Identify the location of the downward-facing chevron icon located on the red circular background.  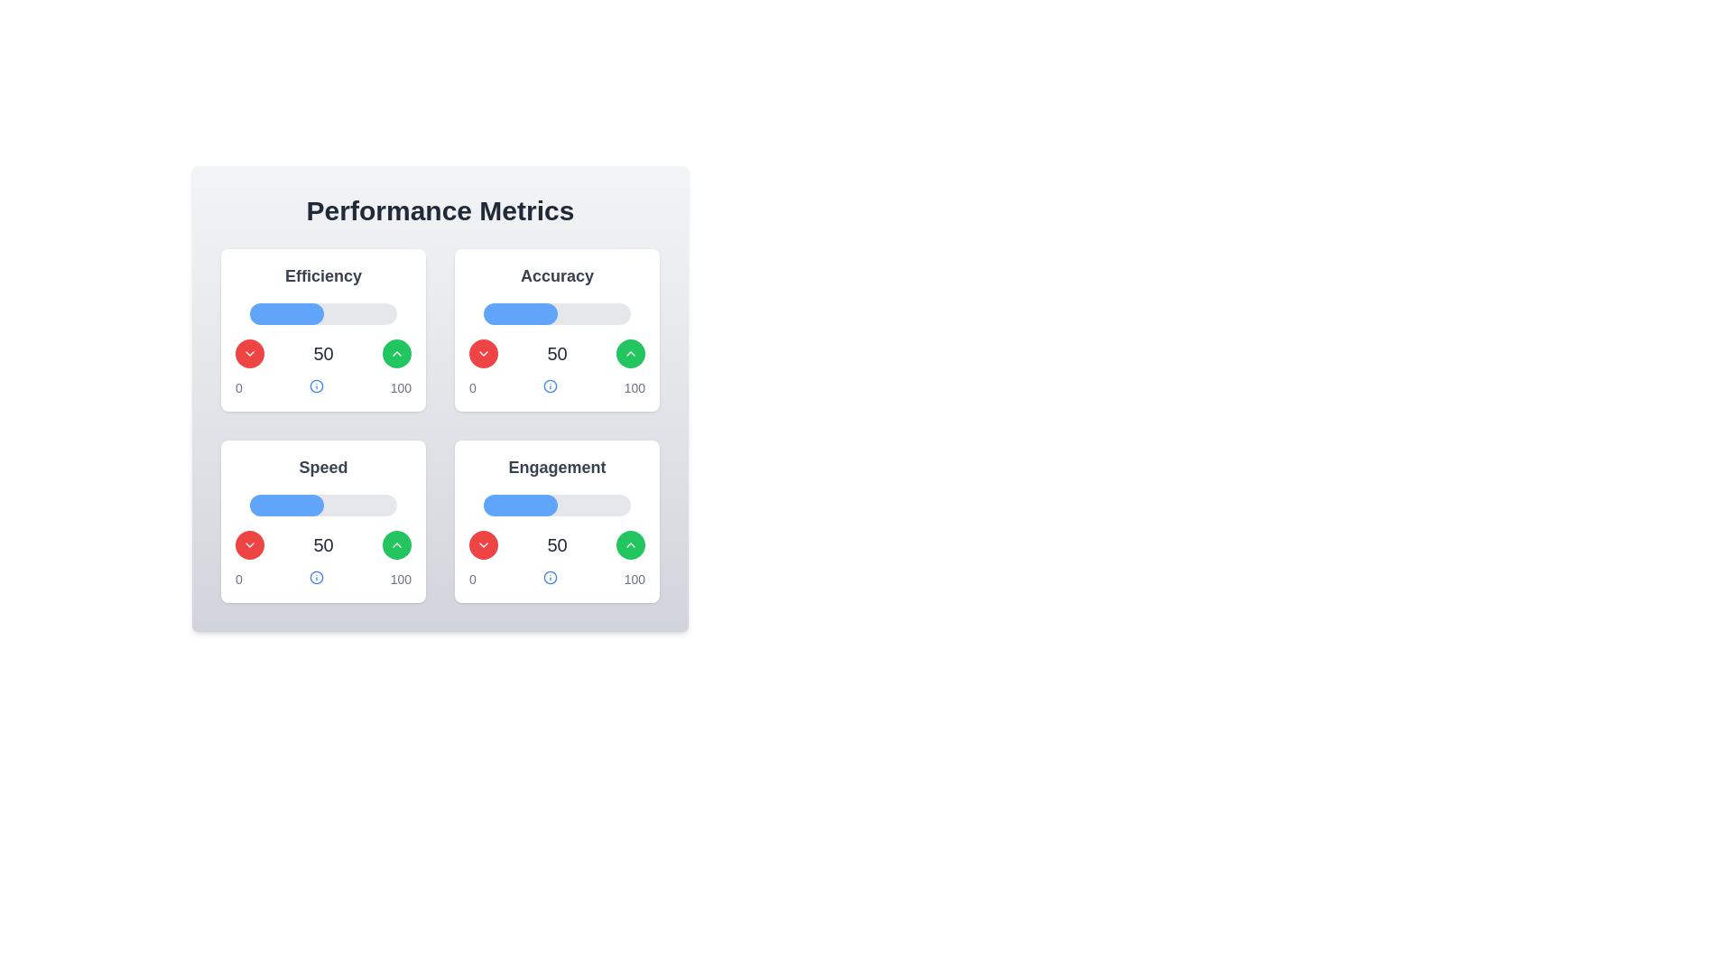
(249, 544).